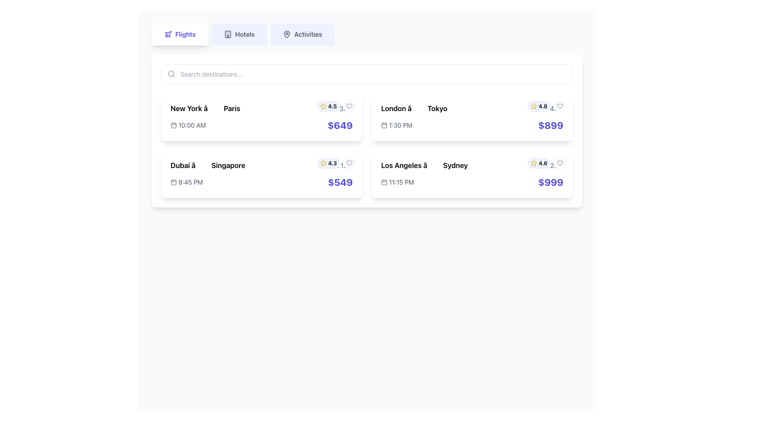 This screenshot has width=760, height=427. What do you see at coordinates (171, 74) in the screenshot?
I see `the search icon located inside the search bar, to the left of the placeholder text 'Search destinations...'` at bounding box center [171, 74].